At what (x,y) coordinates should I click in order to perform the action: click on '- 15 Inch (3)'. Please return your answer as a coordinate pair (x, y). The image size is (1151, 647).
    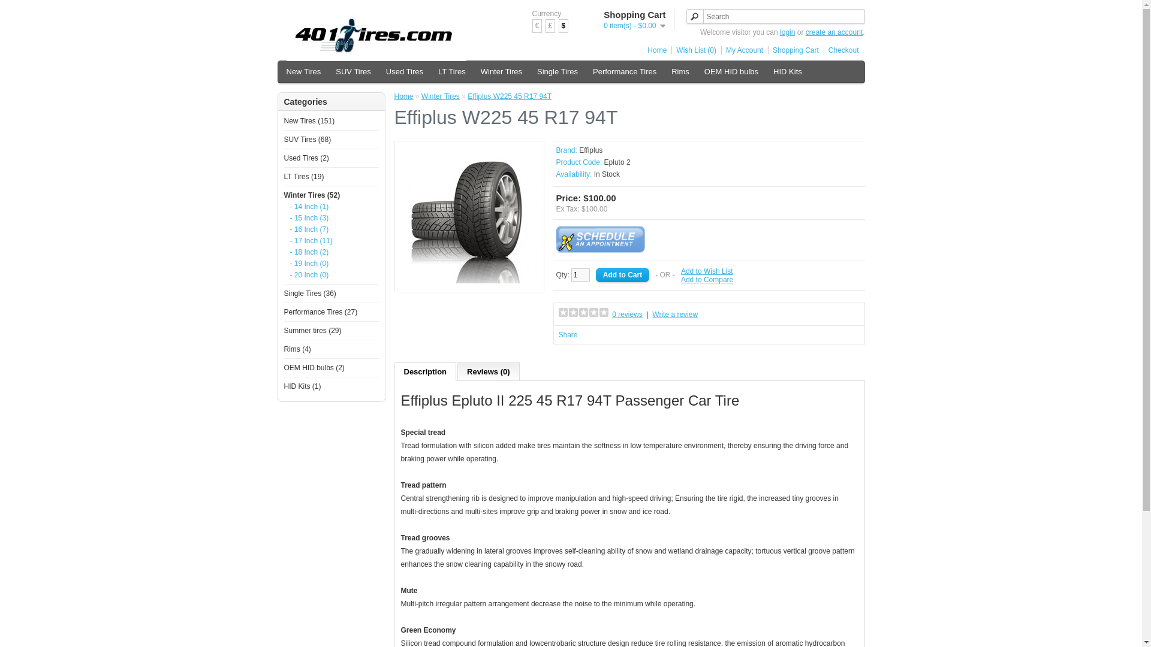
    Looking at the image, I should click on (330, 217).